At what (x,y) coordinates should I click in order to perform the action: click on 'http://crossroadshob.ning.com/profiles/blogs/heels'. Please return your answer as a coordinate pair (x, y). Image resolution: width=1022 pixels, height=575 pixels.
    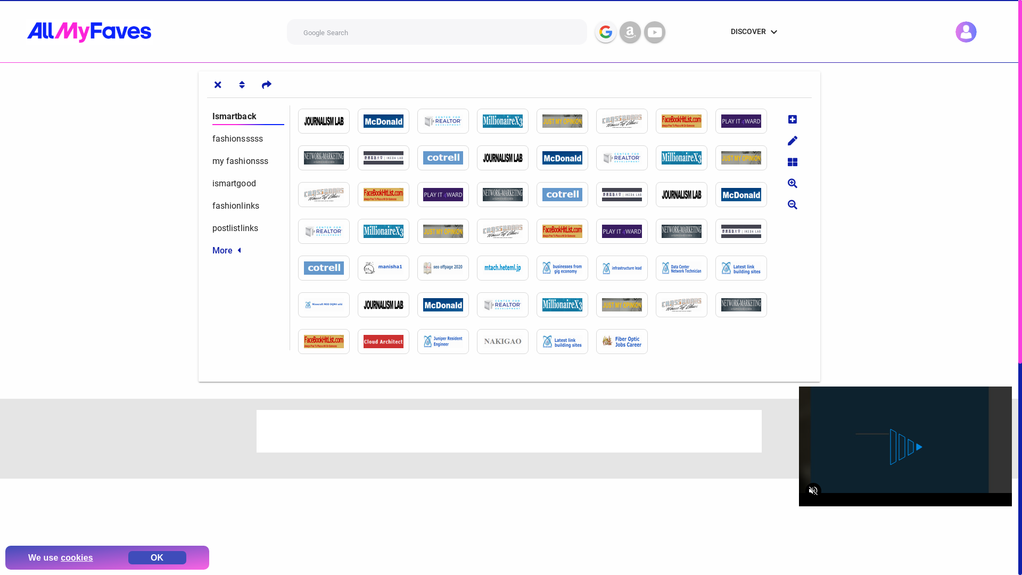
    Looking at the image, I should click on (476, 231).